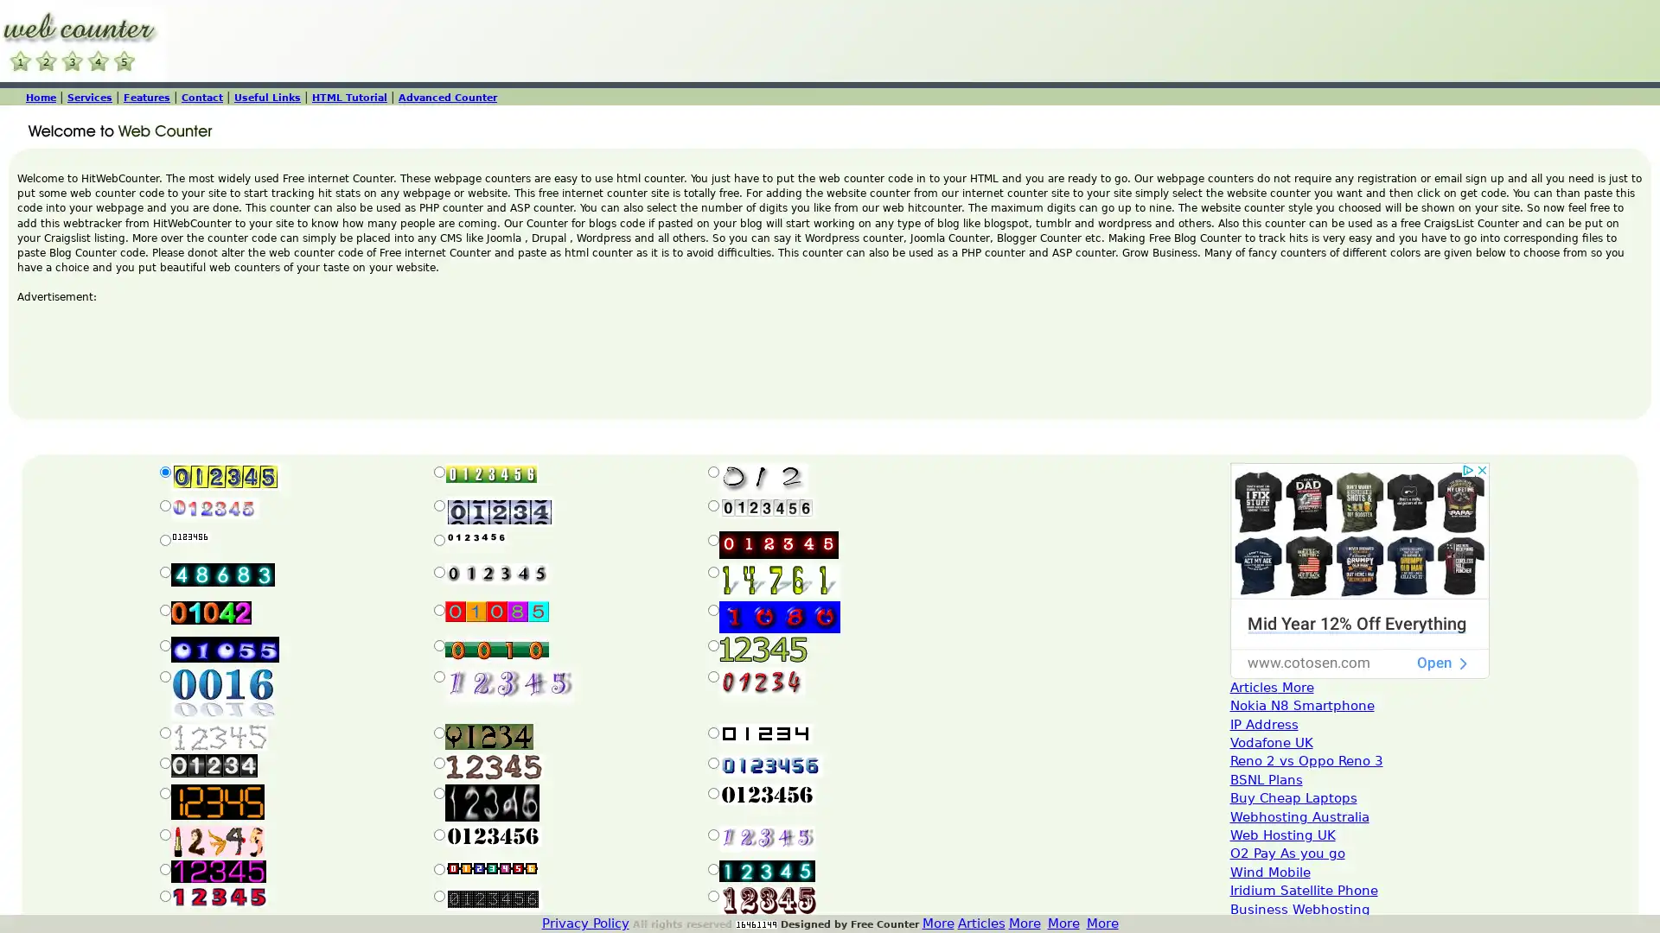 This screenshot has width=1660, height=933. What do you see at coordinates (210, 611) in the screenshot?
I see `Submit` at bounding box center [210, 611].